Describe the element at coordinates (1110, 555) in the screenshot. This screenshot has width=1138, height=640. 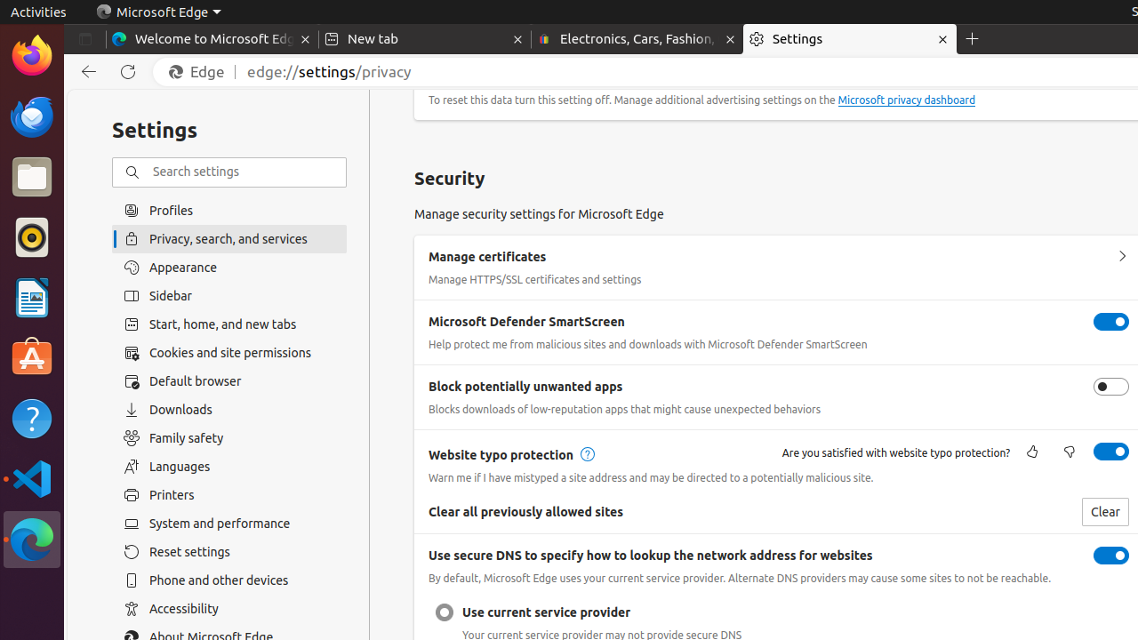
I see `'Use secure DNS to specify how to lookup the network address for websites'` at that location.